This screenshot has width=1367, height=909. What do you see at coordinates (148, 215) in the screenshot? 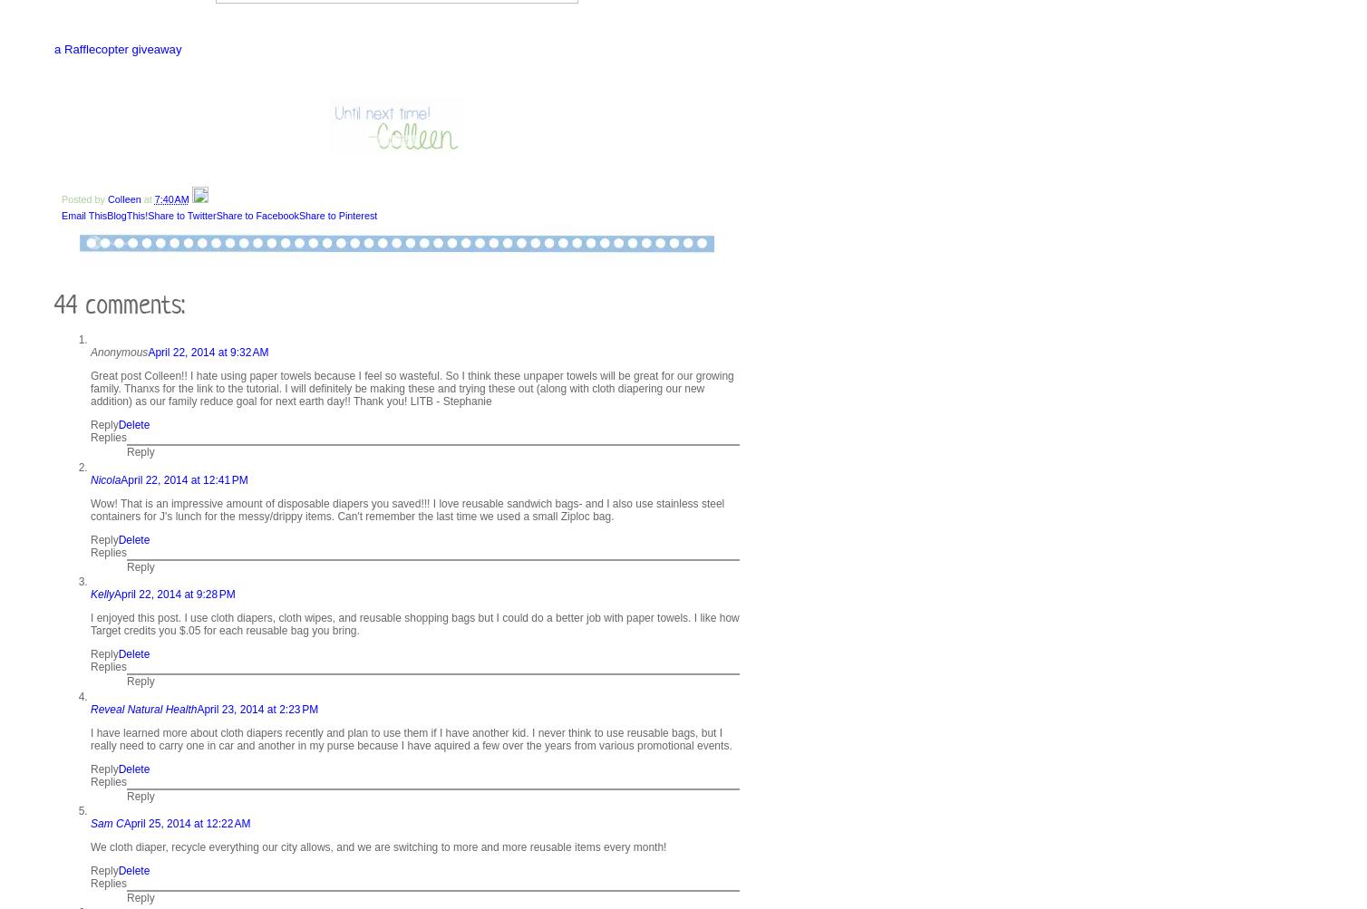
I see `'Share to Twitter'` at bounding box center [148, 215].